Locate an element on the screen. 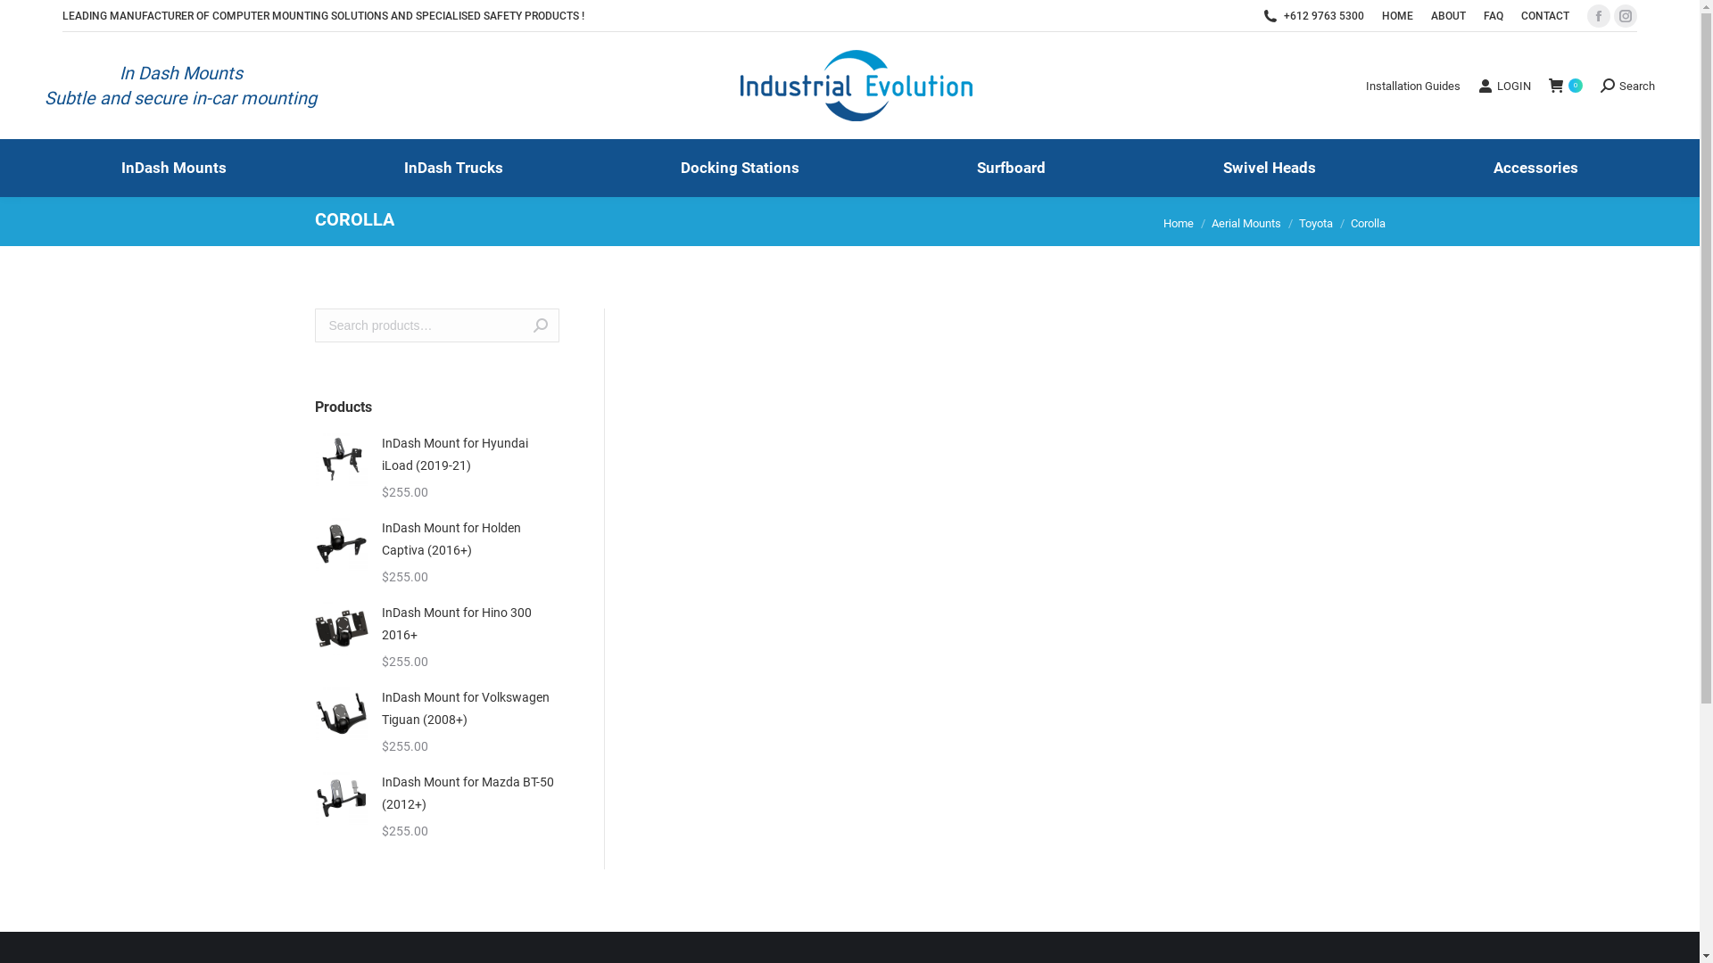 The image size is (1713, 963). 'HOME' is located at coordinates (1396, 16).